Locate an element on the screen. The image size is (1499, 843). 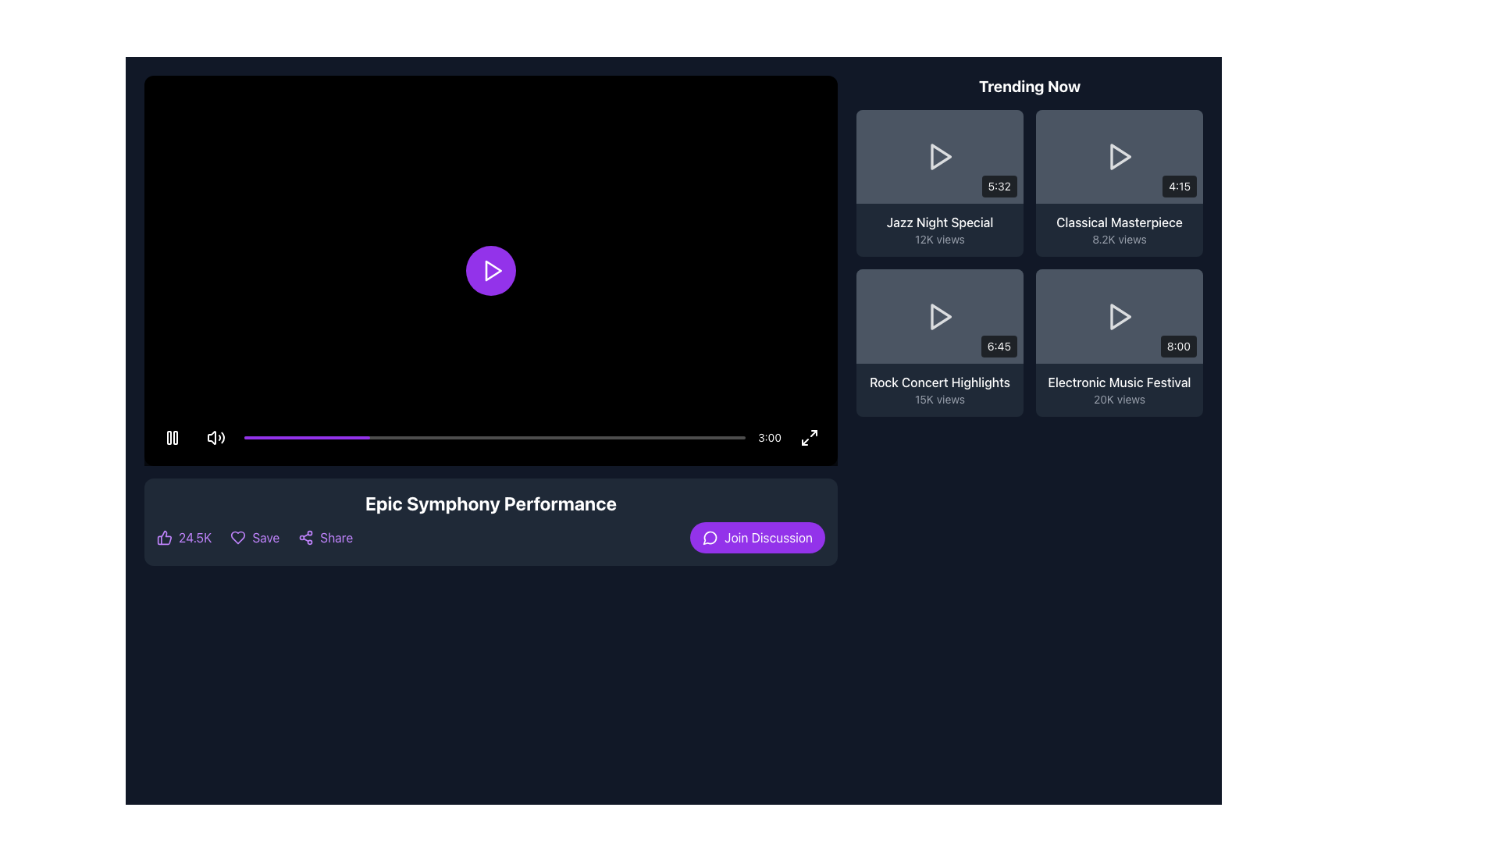
the Video thumbnail preview element in the 'Trending Now' section is located at coordinates (939, 156).